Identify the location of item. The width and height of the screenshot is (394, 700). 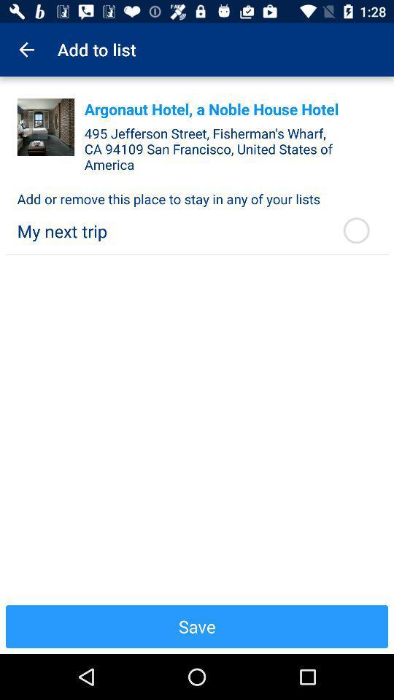
(46, 126).